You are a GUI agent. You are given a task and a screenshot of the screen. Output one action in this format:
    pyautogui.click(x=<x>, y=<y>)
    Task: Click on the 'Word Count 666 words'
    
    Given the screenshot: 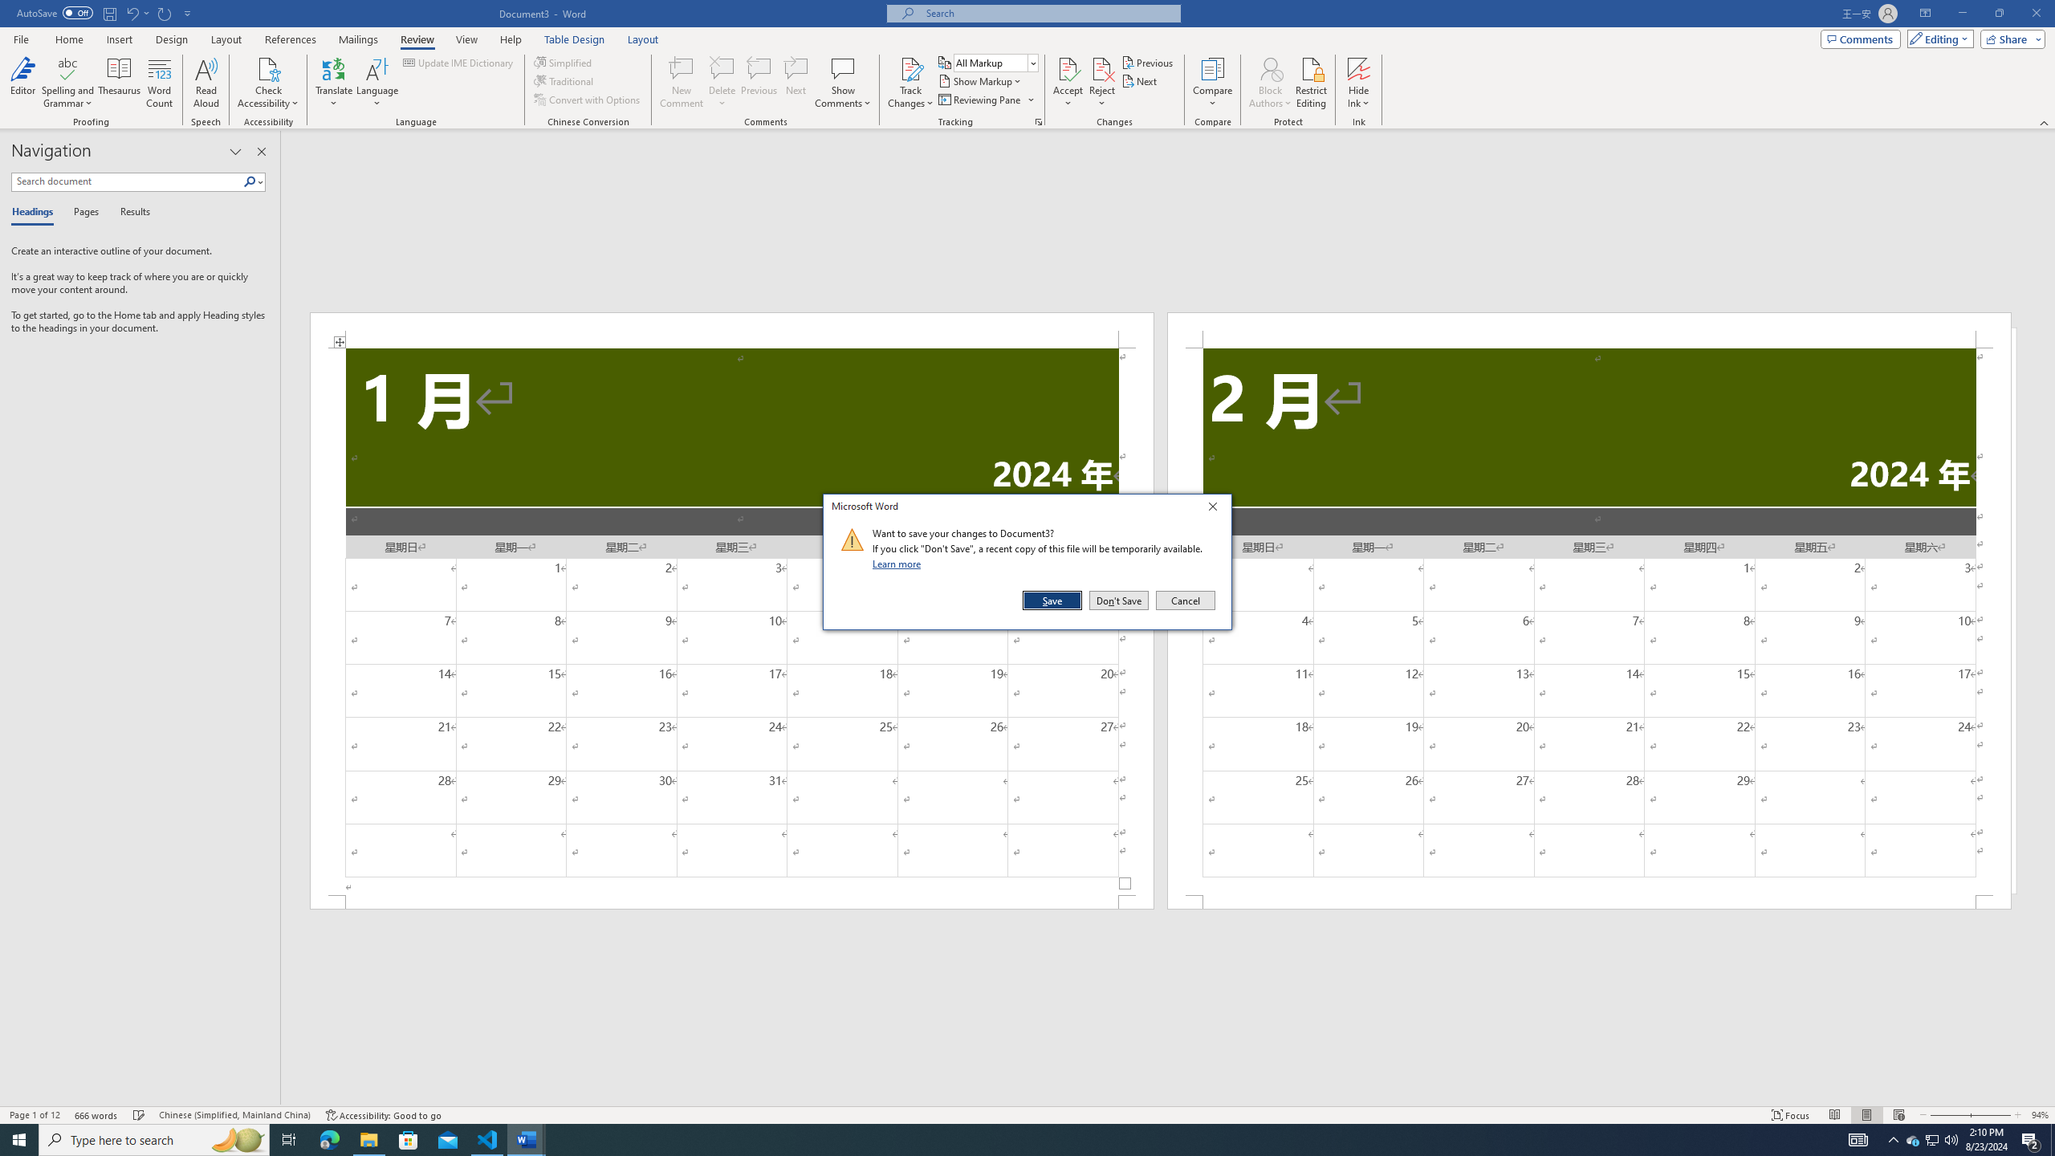 What is the action you would take?
    pyautogui.click(x=97, y=1115)
    